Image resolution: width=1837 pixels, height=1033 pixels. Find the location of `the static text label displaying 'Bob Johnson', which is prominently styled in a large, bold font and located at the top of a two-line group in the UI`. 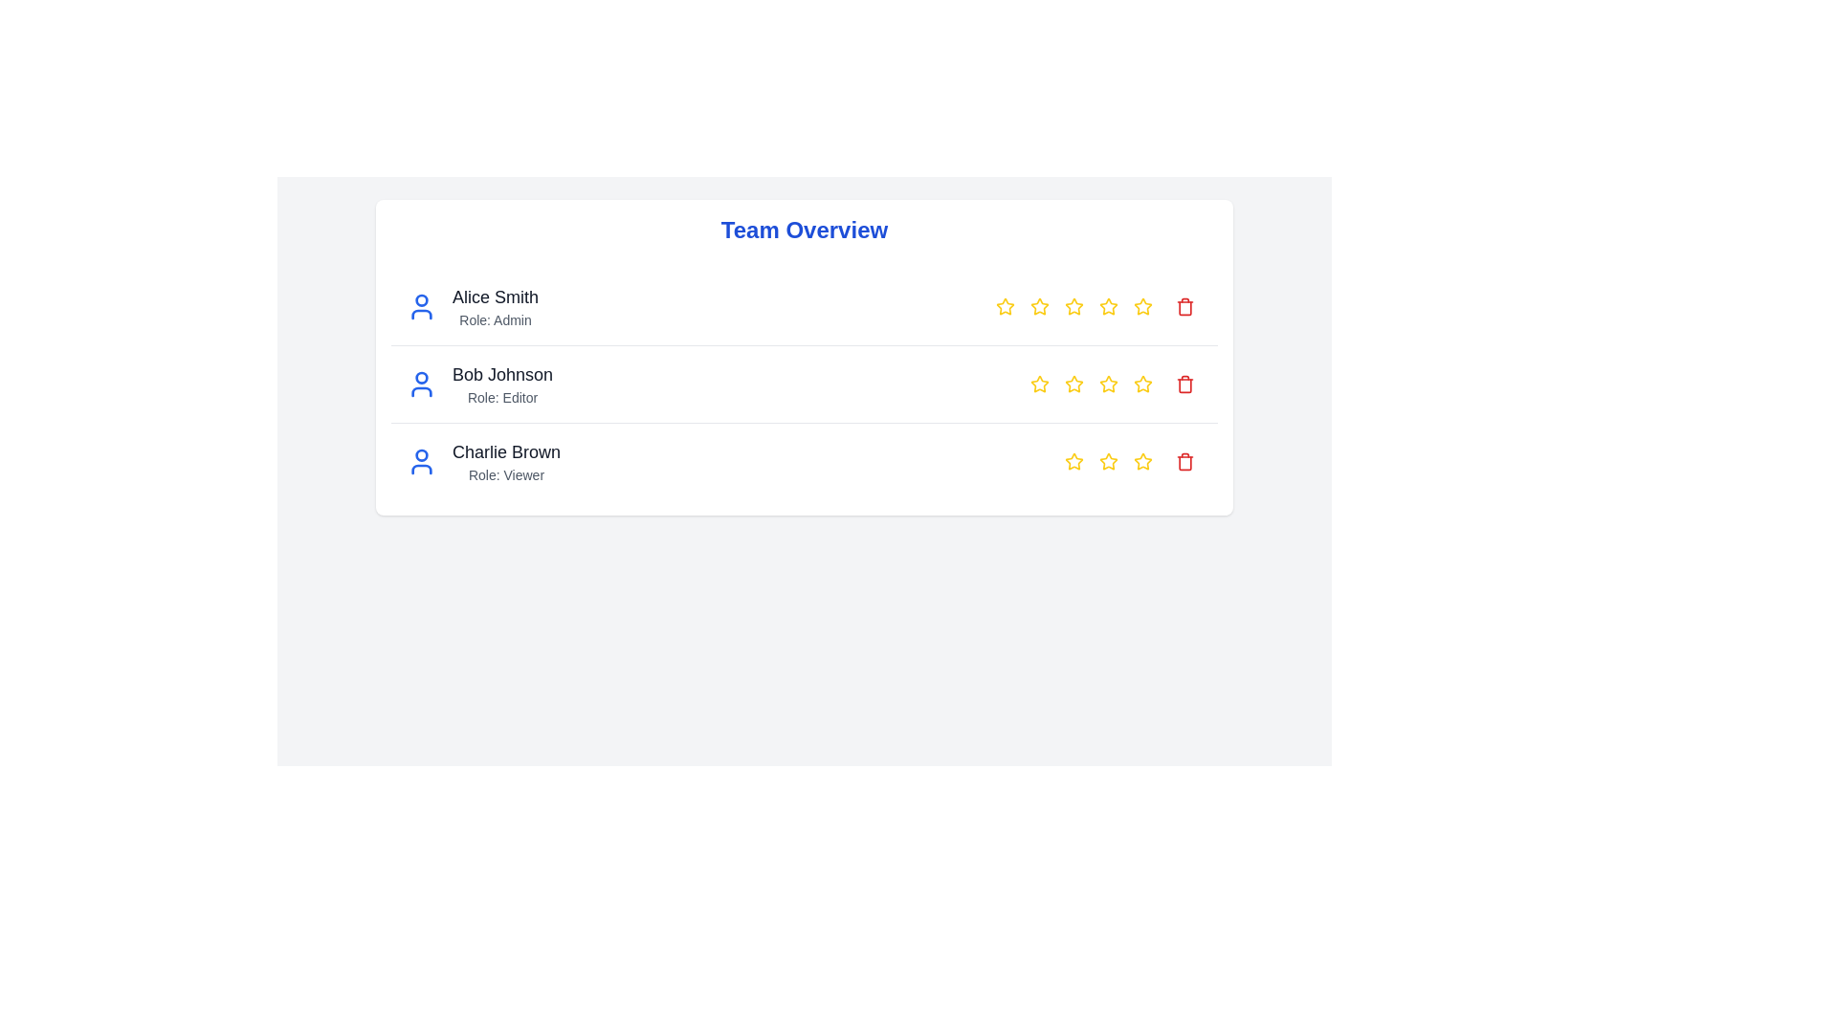

the static text label displaying 'Bob Johnson', which is prominently styled in a large, bold font and located at the top of a two-line group in the UI is located at coordinates (502, 375).